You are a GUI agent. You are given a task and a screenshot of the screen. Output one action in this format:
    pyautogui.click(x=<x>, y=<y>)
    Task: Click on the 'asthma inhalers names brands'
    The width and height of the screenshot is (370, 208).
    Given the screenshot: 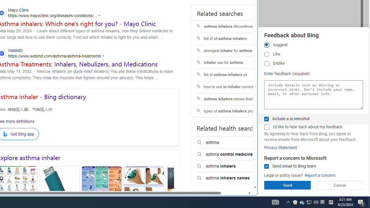 What is the action you would take?
    pyautogui.click(x=233, y=99)
    